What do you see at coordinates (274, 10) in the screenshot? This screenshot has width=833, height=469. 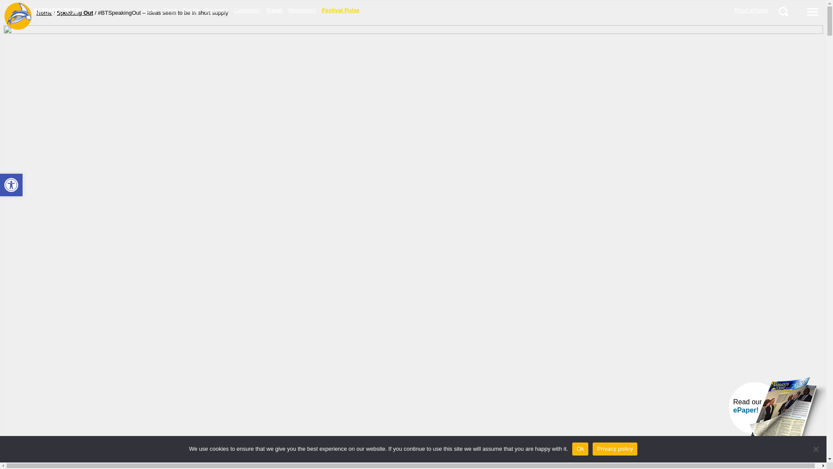 I see `'Travel'` at bounding box center [274, 10].